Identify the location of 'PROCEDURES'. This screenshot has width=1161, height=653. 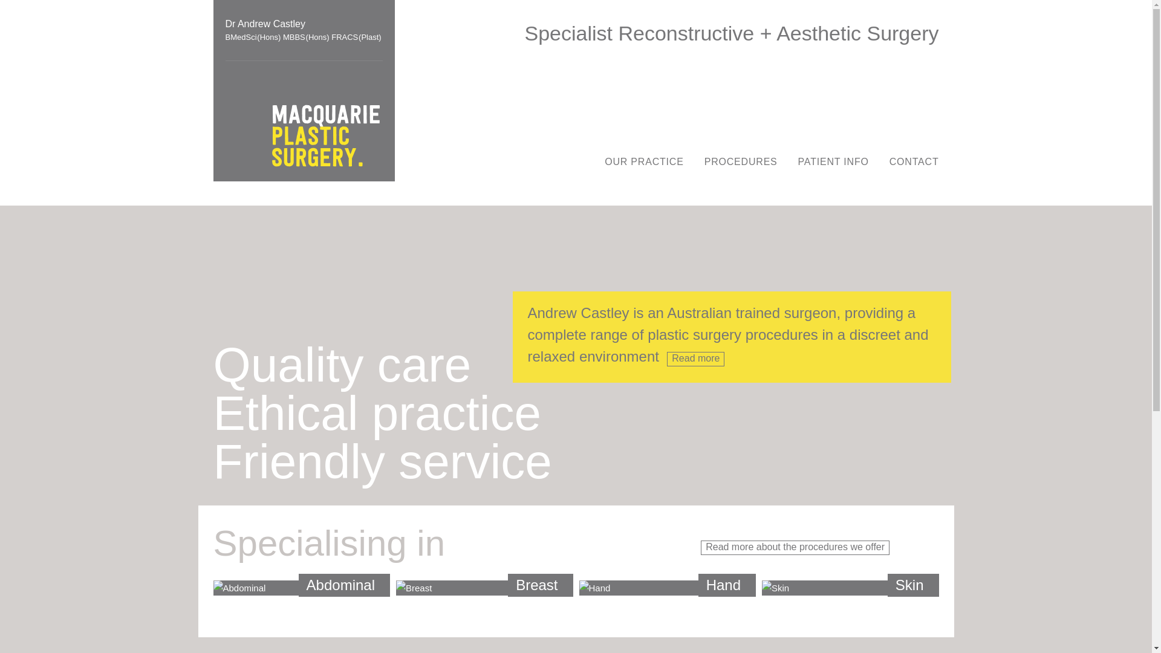
(740, 161).